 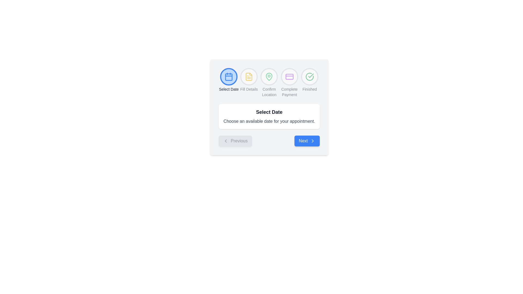 What do you see at coordinates (312, 140) in the screenshot?
I see `the right-facing arrow icon located to the right of the 'Next' button, which is contained within a blue rounded rectangle` at bounding box center [312, 140].